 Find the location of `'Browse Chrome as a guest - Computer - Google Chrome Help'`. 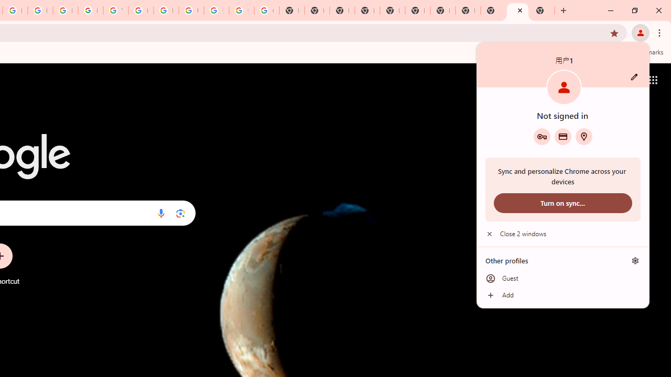

'Browse Chrome as a guest - Computer - Google Chrome Help' is located at coordinates (140, 10).